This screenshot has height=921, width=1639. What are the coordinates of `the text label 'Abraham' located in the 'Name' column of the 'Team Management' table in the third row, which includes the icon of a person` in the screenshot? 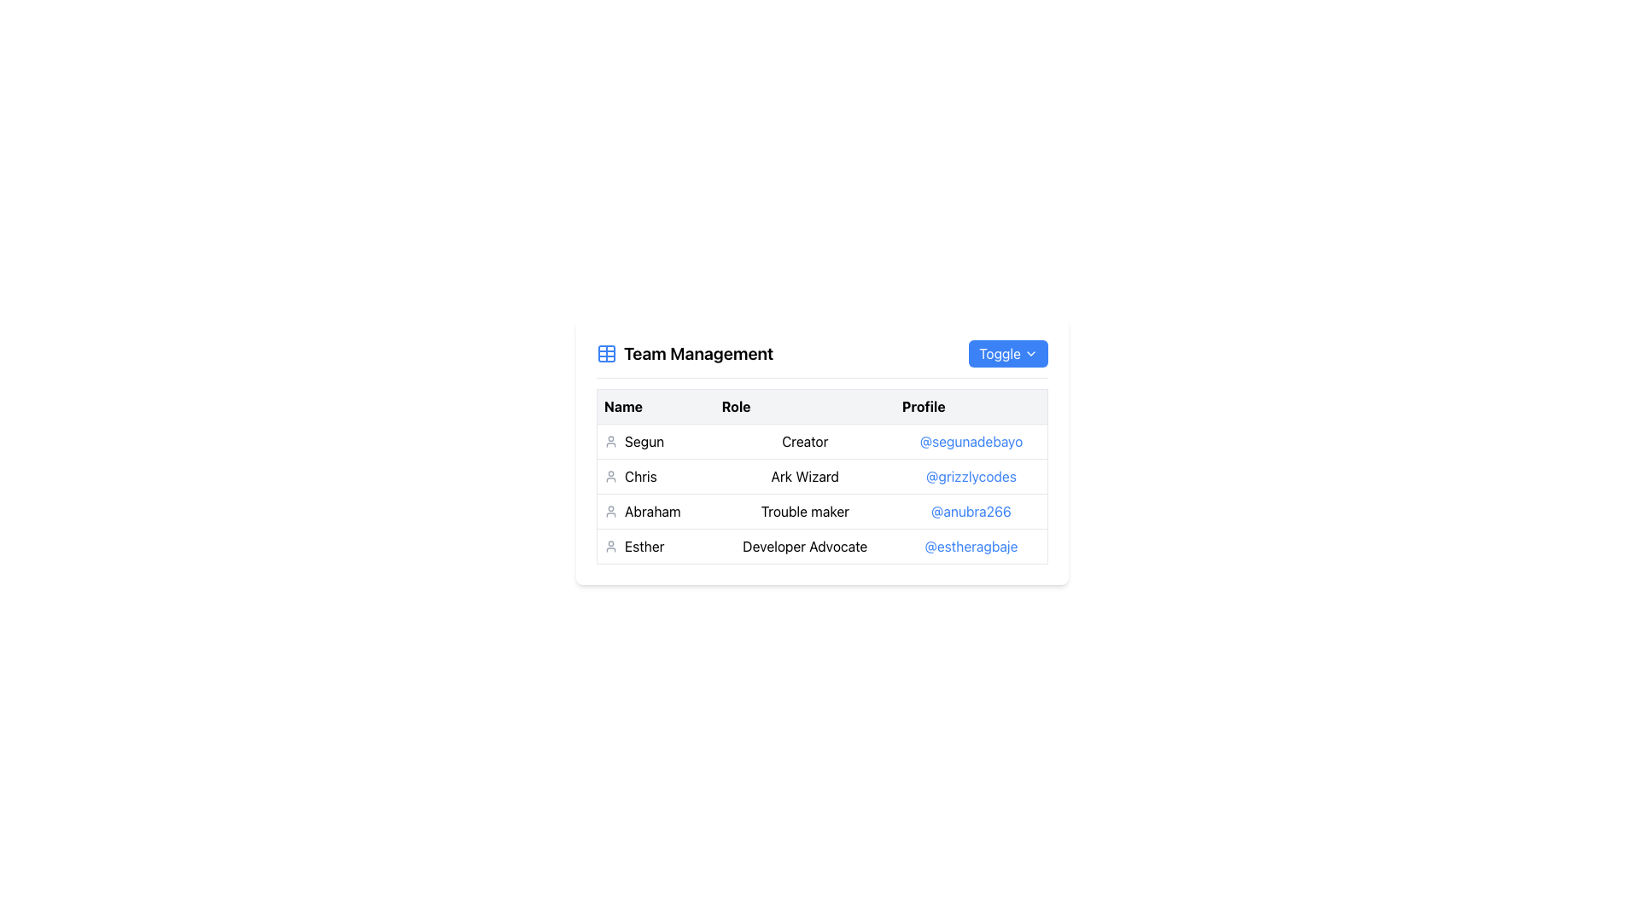 It's located at (655, 511).